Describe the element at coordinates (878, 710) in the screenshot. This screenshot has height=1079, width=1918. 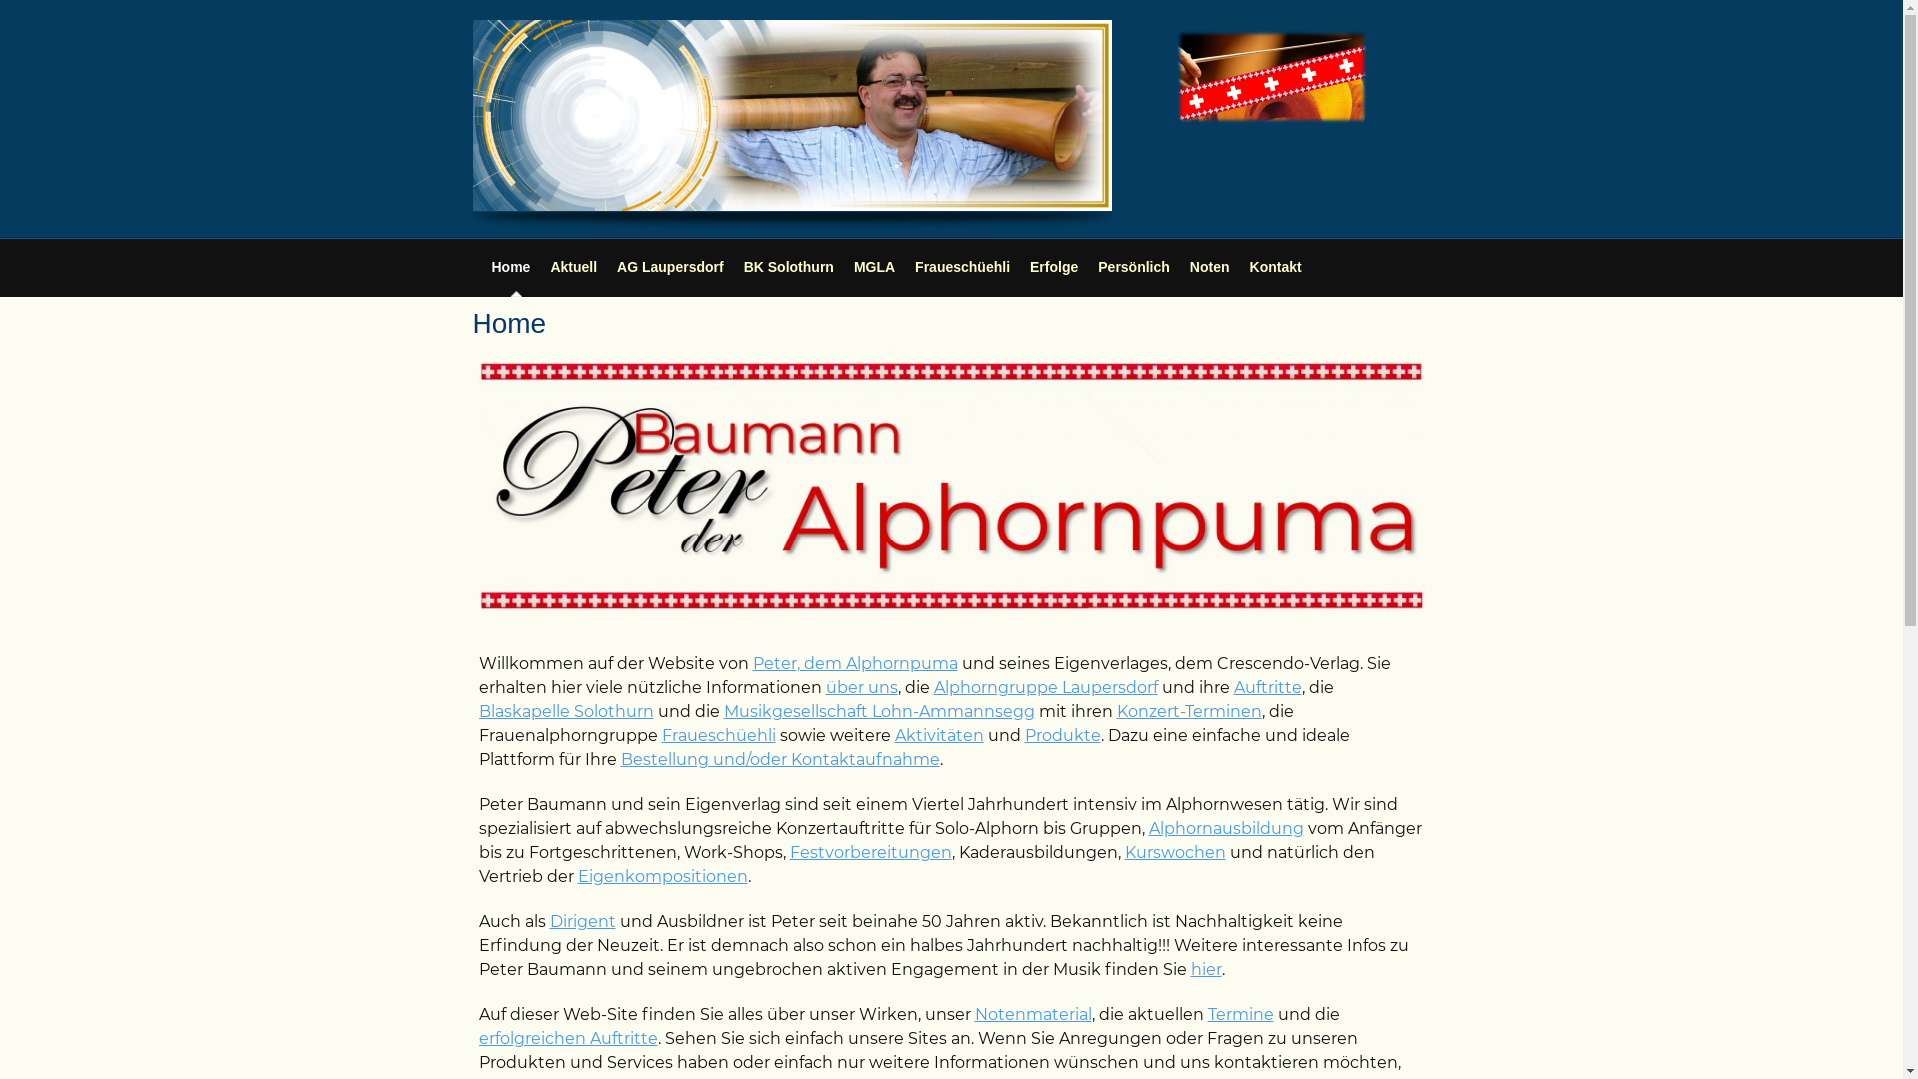
I see `'Musikgesellschaft Lohn-Ammannsegg'` at that location.